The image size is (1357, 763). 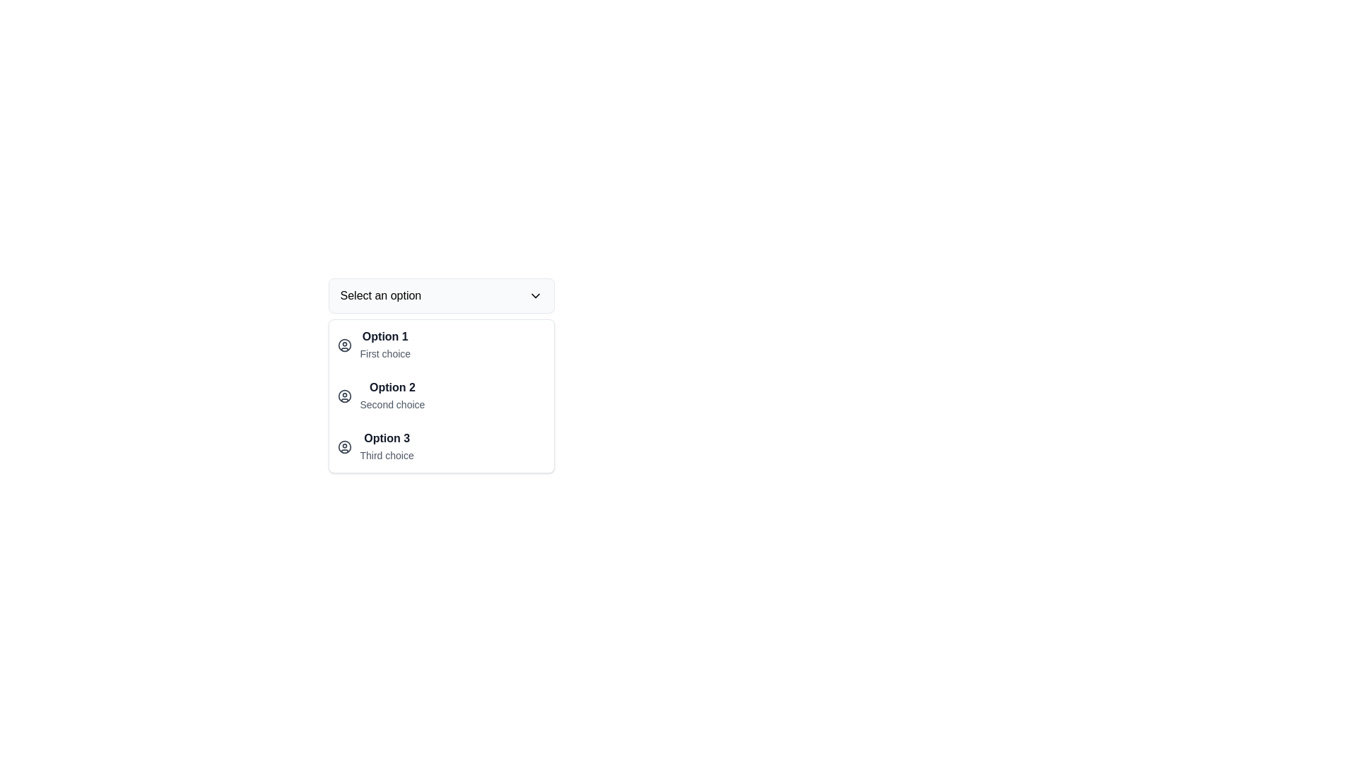 I want to click on the bold text element labeled 'Option 1', which is the first item in a list and is styled with a dark font color, so click(x=385, y=337).